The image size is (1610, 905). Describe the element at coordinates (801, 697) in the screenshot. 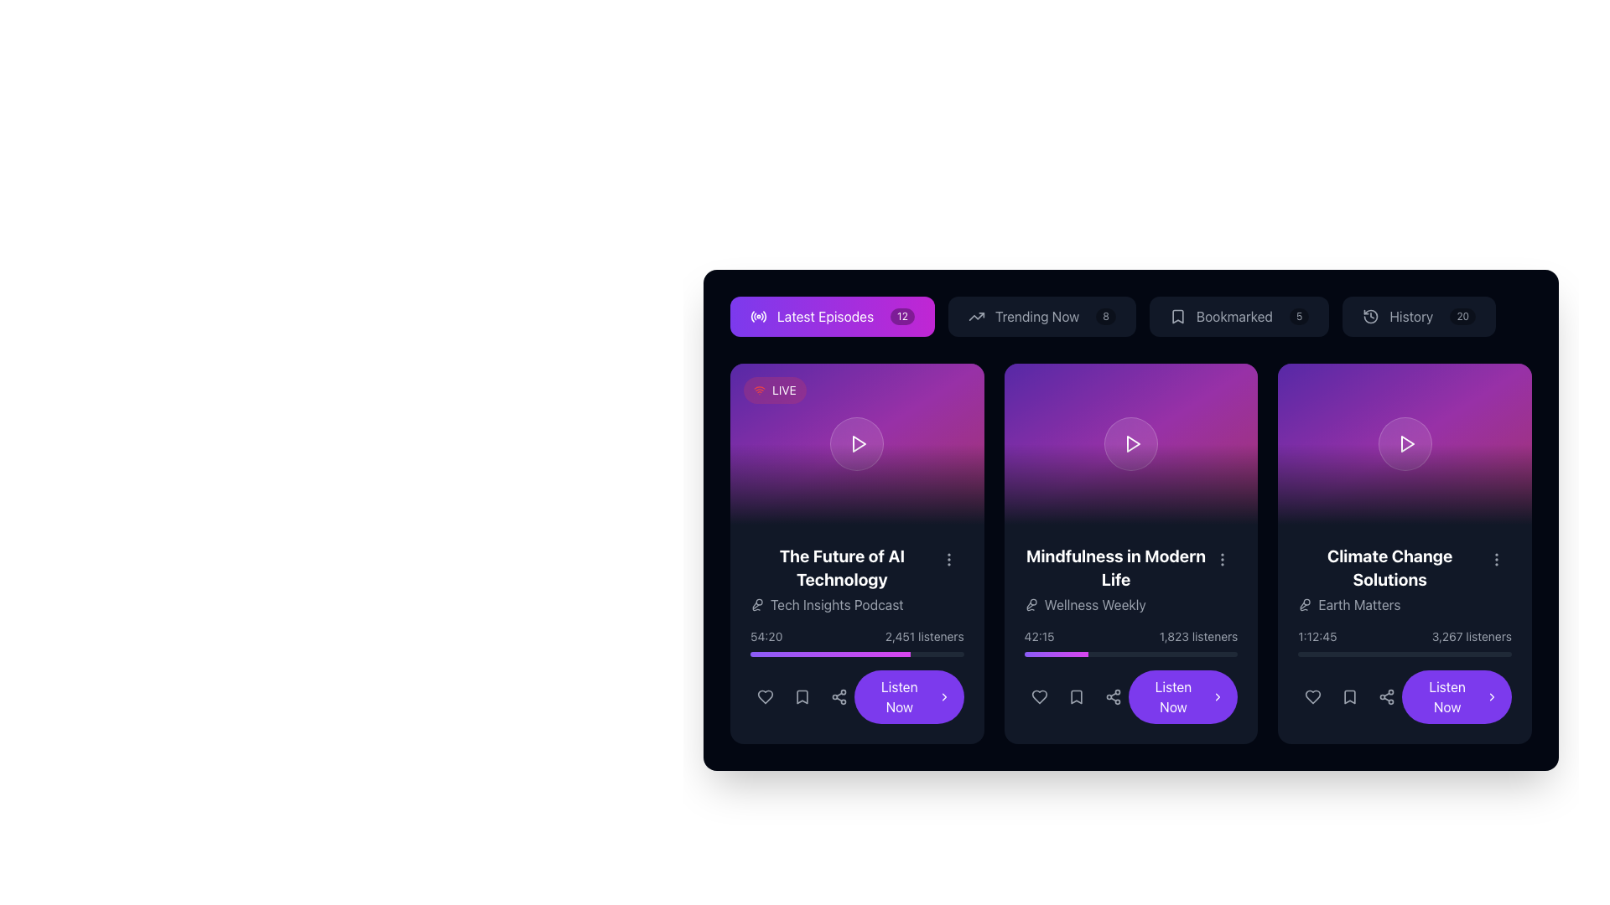

I see `the gray bookmark icon with a modern outline located in the bottom section of the first content card to bookmark the content` at that location.